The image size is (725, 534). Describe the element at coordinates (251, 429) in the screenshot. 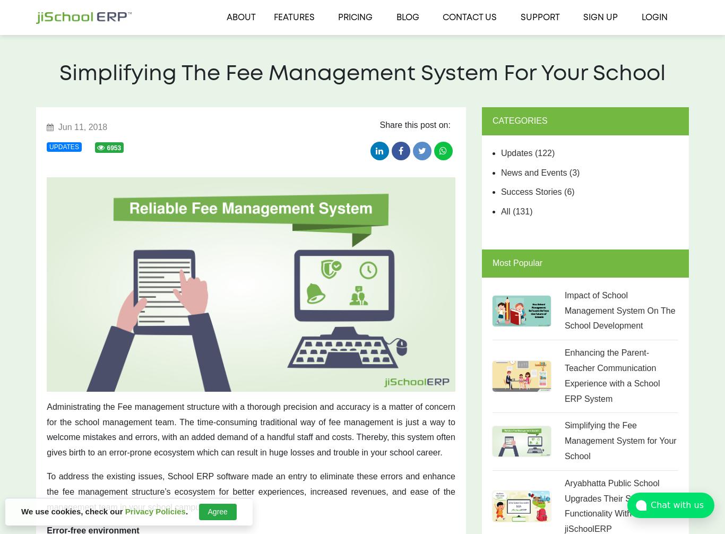

I see `'Administrating the Fee management structure with a thorough precision and accuracy is a matter of concern for the school management team. The time-consuming traditional way of fee management is just a way to welcome mistakes and errors, with an added demand of a handful staff and costs. Thereby, this system often gives birth to an error-prone ecosystem which can result in huge losses and trouble in your school career.'` at that location.